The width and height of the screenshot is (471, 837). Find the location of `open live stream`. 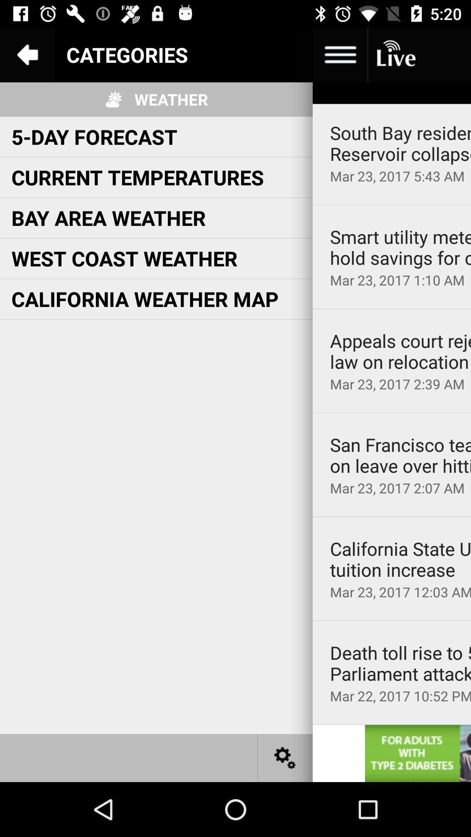

open live stream is located at coordinates (395, 54).